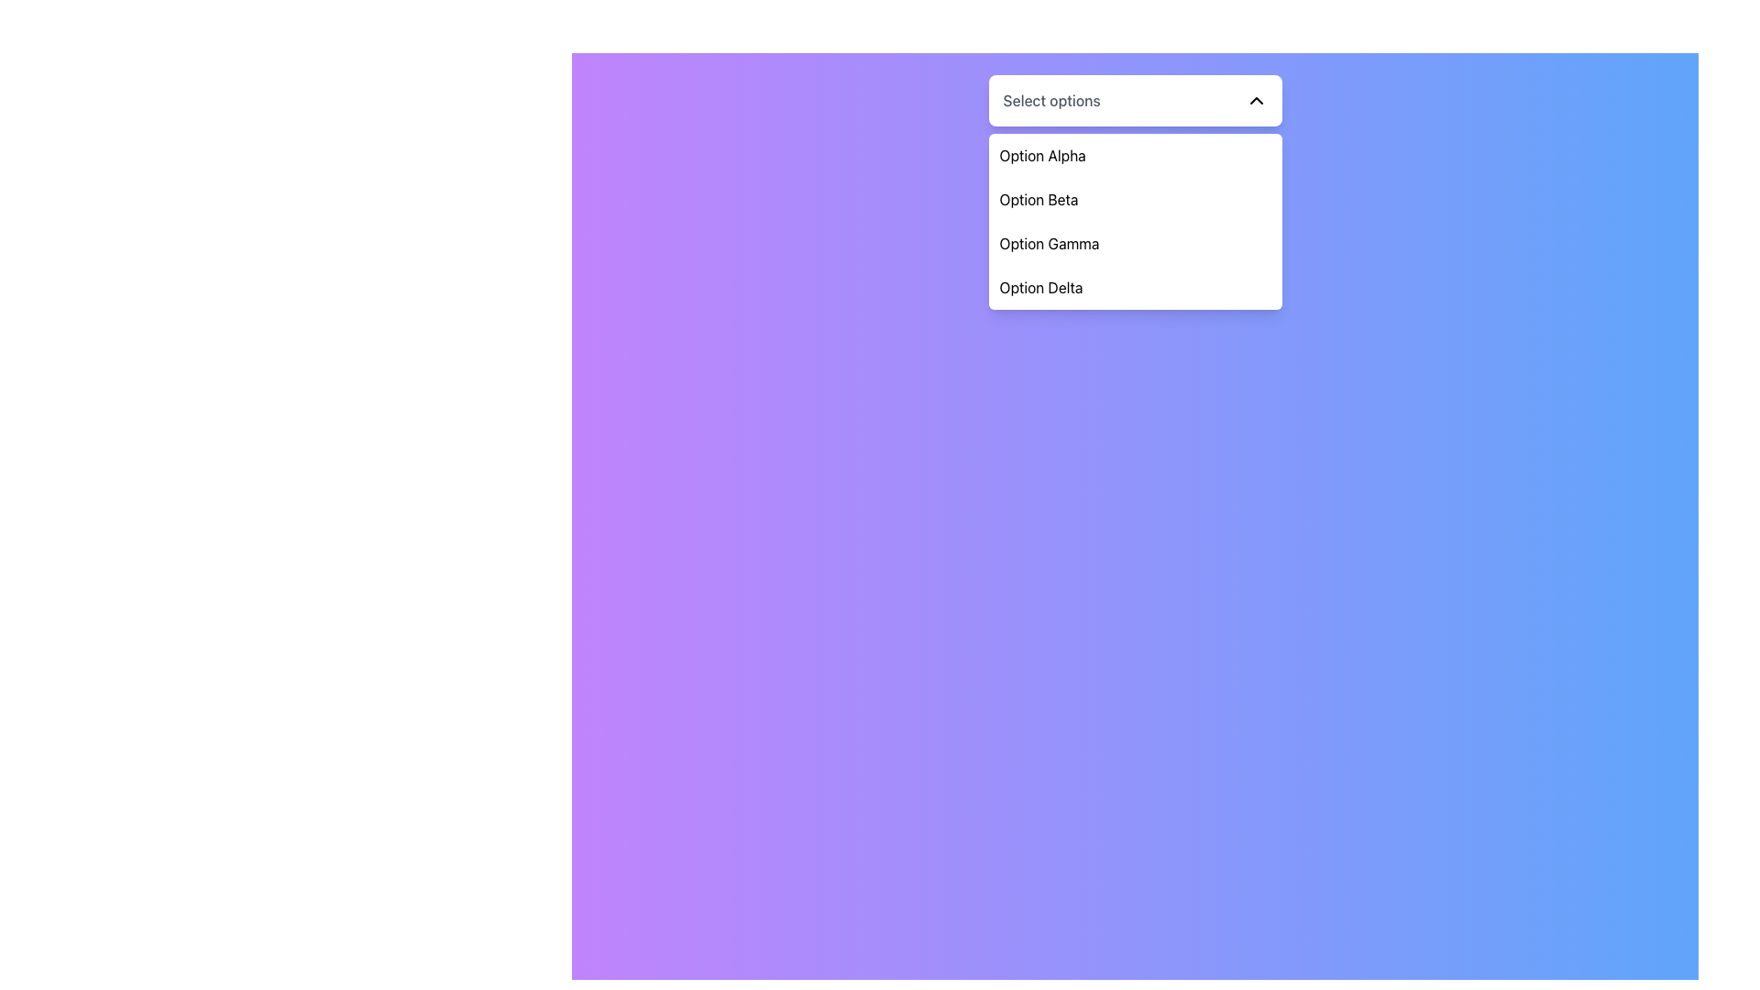 This screenshot has width=1760, height=990. I want to click on the fourth option in the dropdown menu, so click(1040, 287).